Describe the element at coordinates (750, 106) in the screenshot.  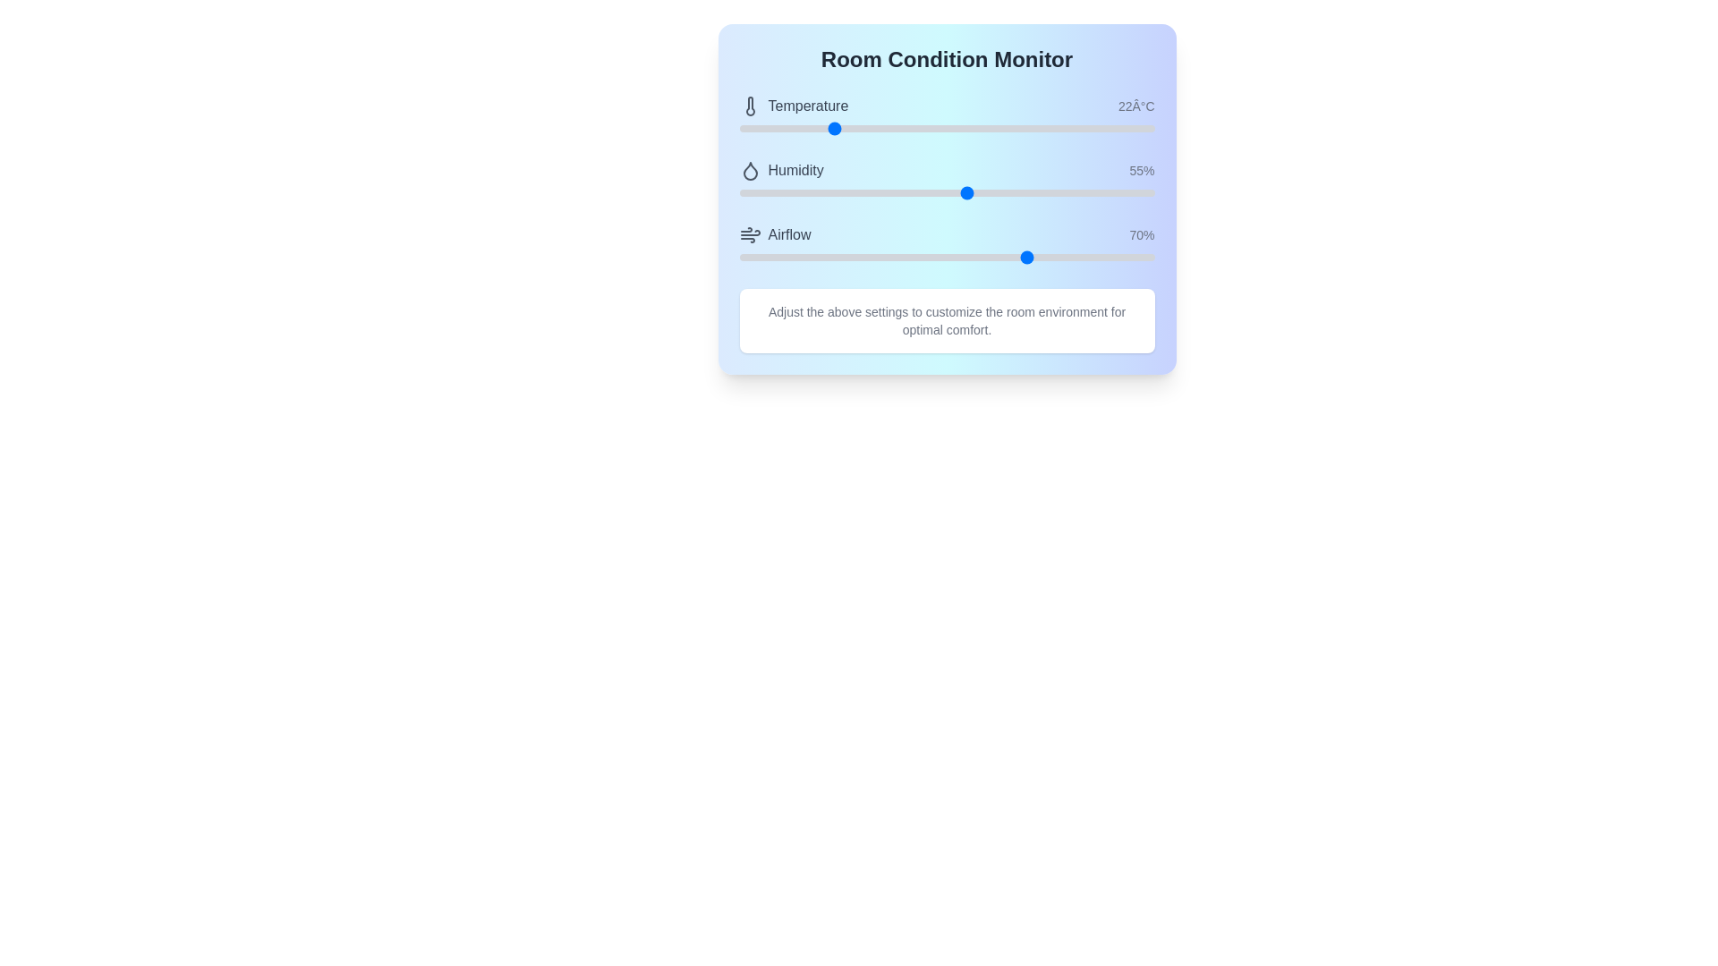
I see `the decorative icon representing temperature functionality, located to the left of the 'Temperature' label` at that location.